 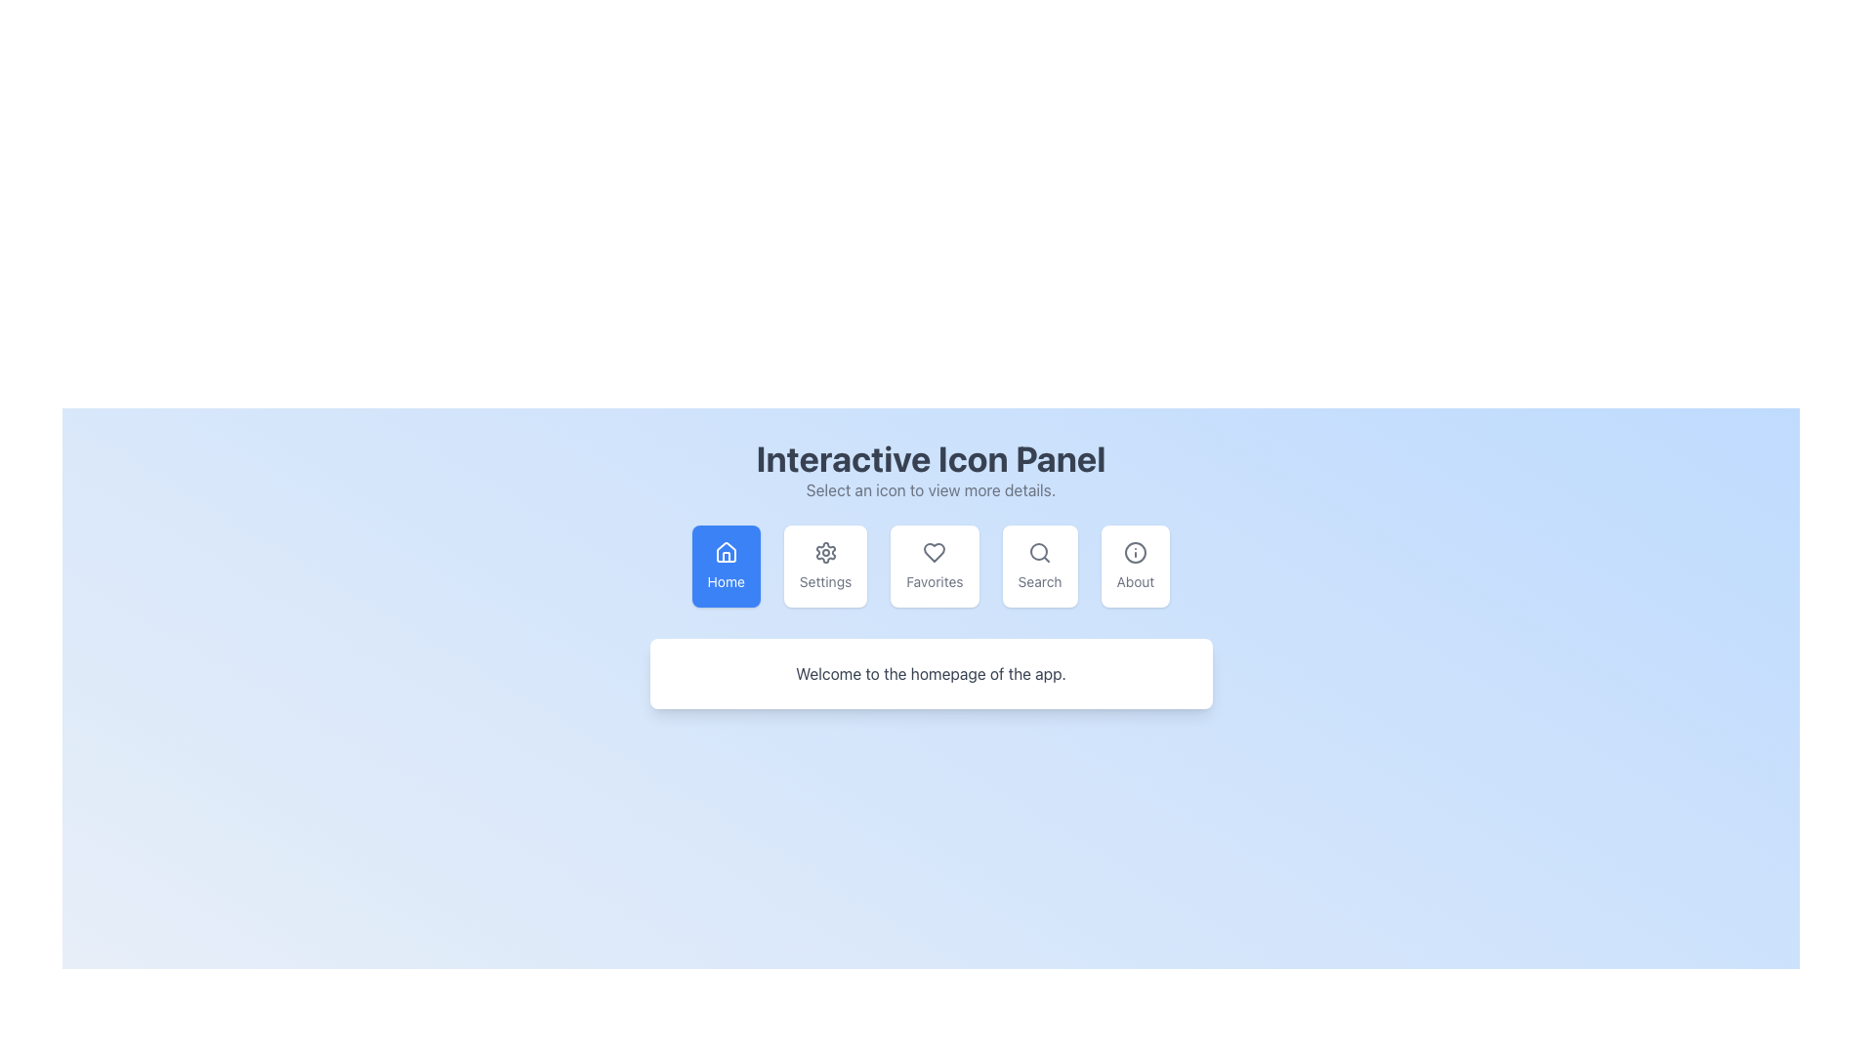 I want to click on the fifth button in the horizontal row of icons, so click(x=1135, y=566).